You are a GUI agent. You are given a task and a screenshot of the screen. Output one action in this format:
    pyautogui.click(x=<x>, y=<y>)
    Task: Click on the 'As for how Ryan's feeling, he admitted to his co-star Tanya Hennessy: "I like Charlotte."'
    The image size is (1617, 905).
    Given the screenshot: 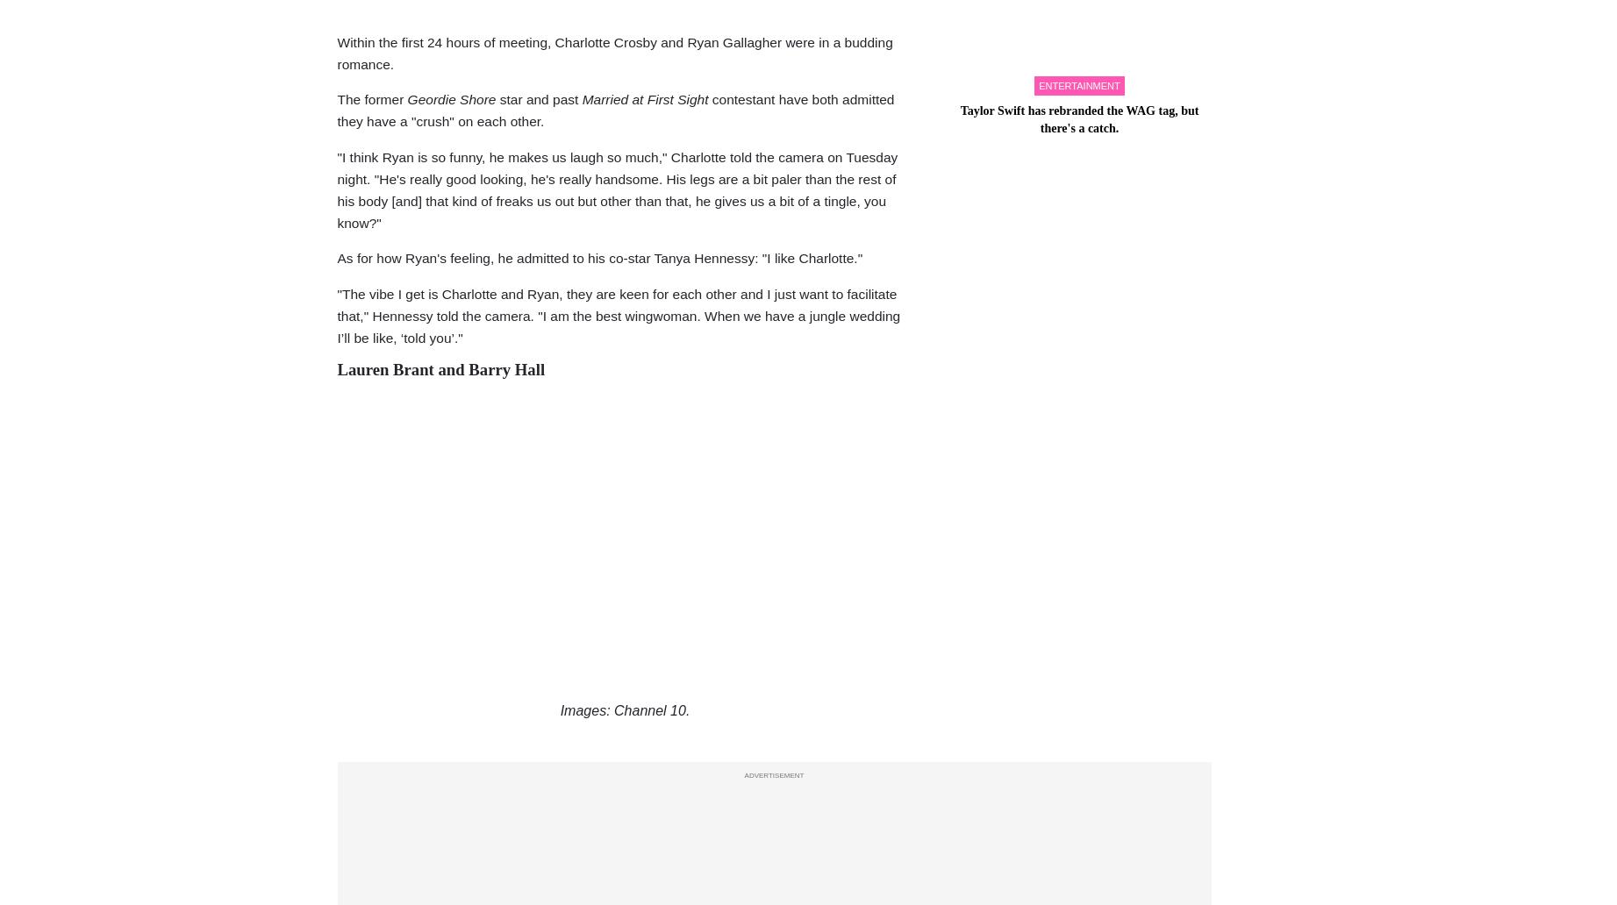 What is the action you would take?
    pyautogui.click(x=337, y=258)
    